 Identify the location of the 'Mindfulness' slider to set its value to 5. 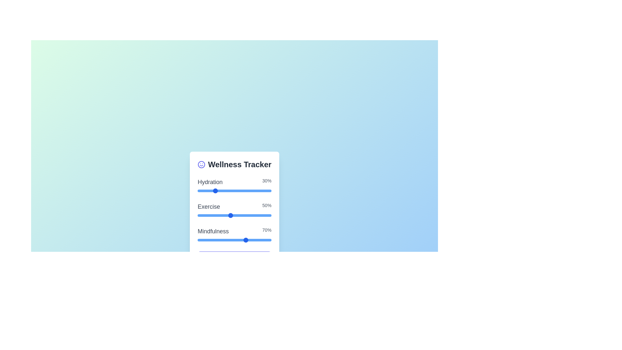
(230, 240).